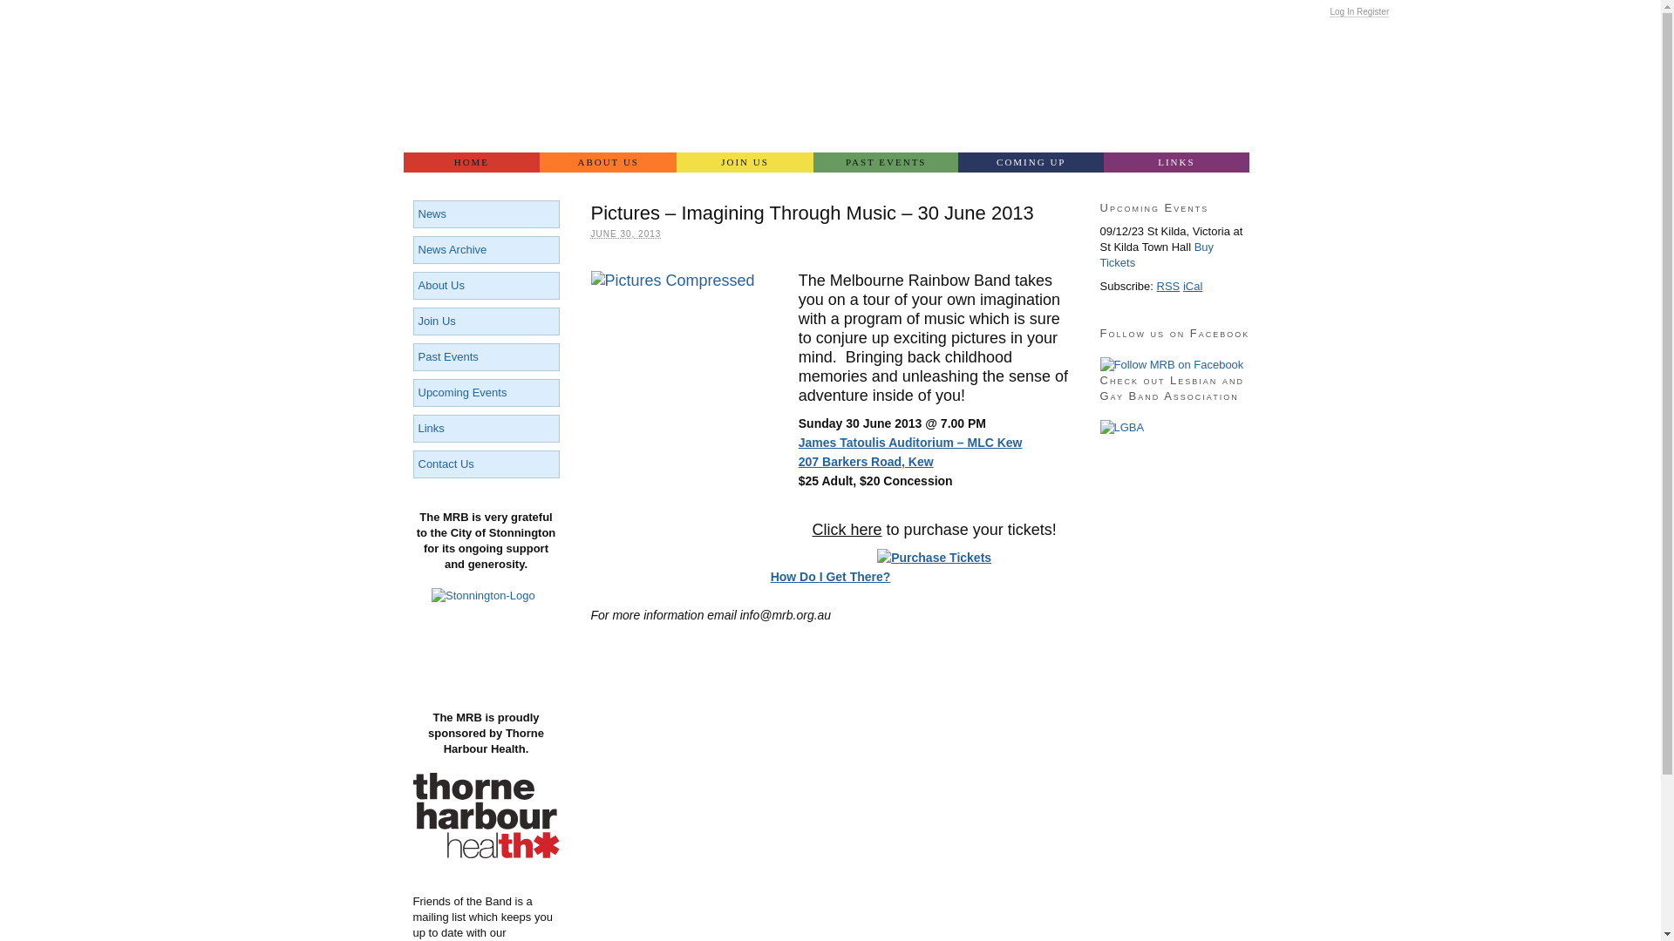 The height and width of the screenshot is (941, 1674). I want to click on 'Log In Register', so click(1358, 12).